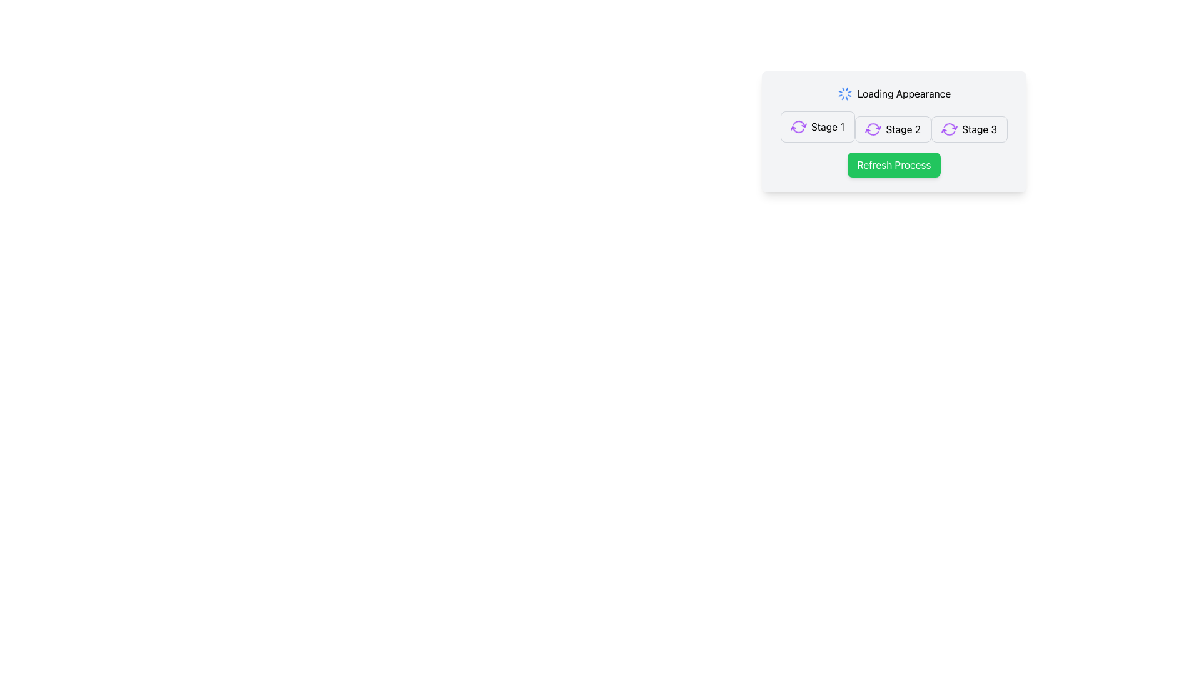  Describe the element at coordinates (828, 127) in the screenshot. I see `the text label displaying 'Stage 1', which is styled with a modern sans-serif font and located to the right of a spinning icon in a bordered rectangle with rounded corners` at that location.